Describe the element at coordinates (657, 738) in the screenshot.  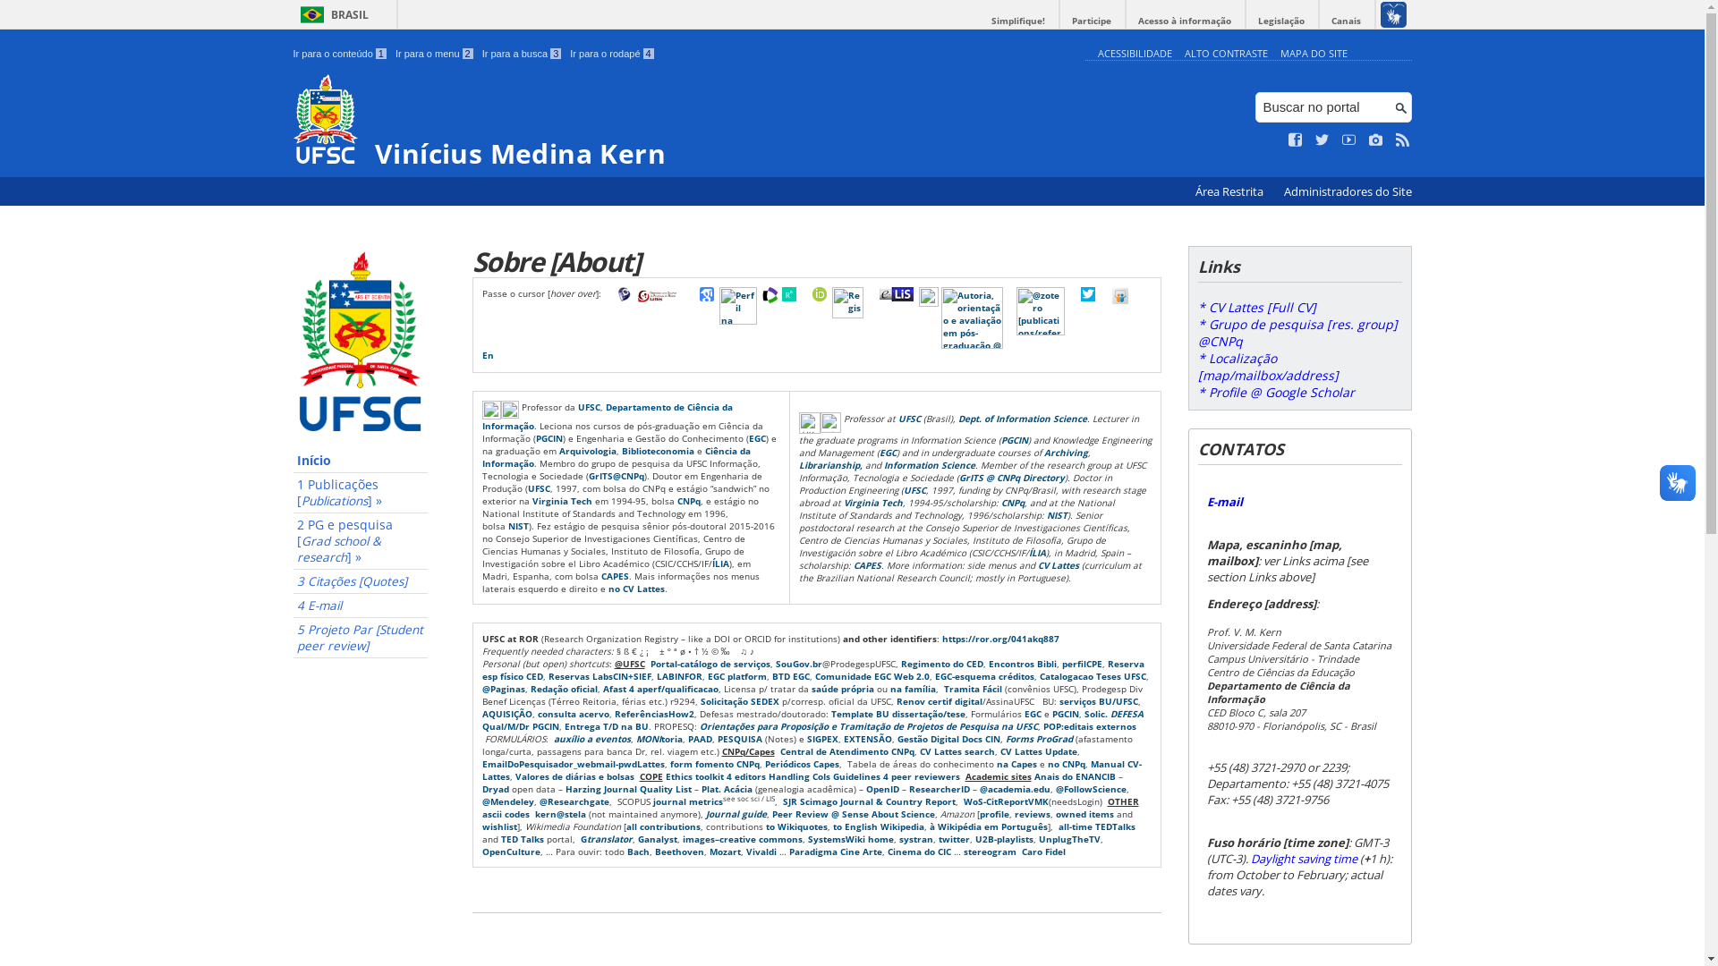
I see `'MONItoria'` at that location.